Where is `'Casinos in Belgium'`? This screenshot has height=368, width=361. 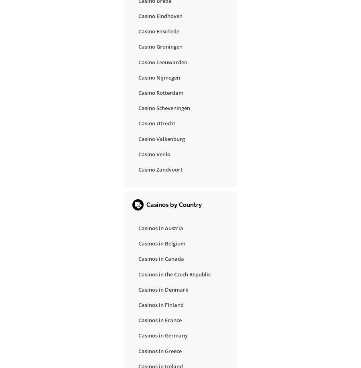 'Casinos in Belgium' is located at coordinates (138, 243).